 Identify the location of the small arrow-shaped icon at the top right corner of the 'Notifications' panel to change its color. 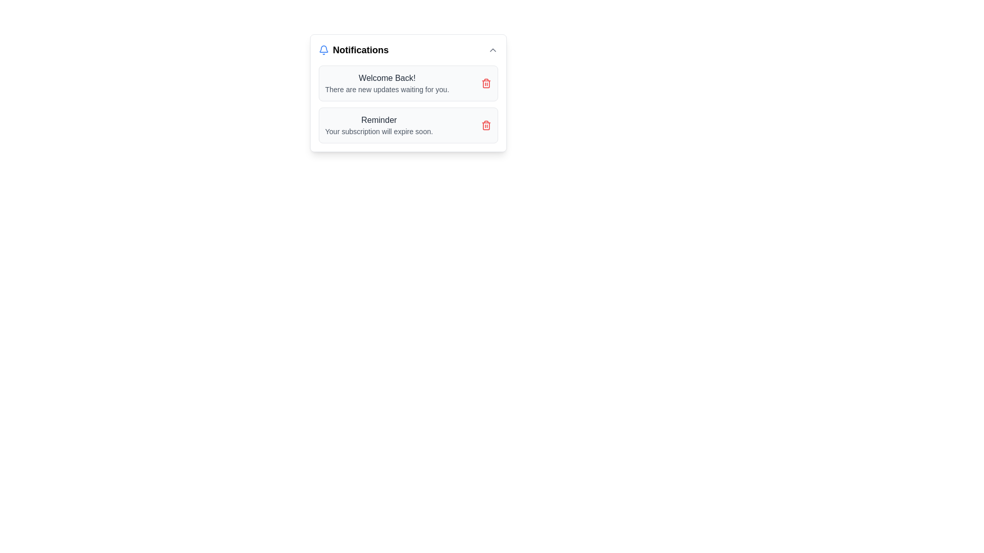
(493, 50).